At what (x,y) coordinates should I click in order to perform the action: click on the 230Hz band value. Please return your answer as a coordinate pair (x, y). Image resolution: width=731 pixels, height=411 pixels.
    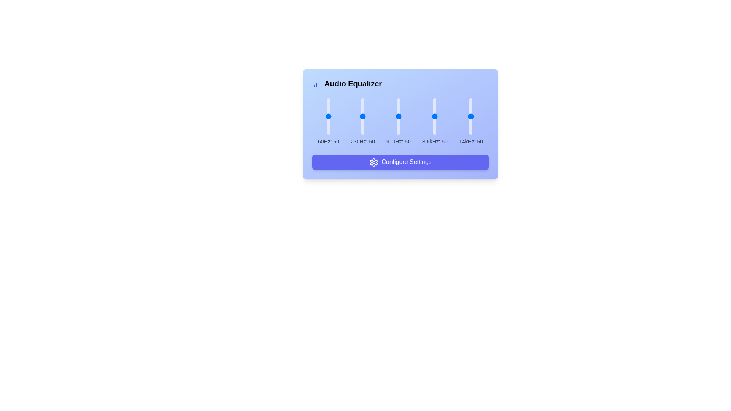
    Looking at the image, I should click on (362, 110).